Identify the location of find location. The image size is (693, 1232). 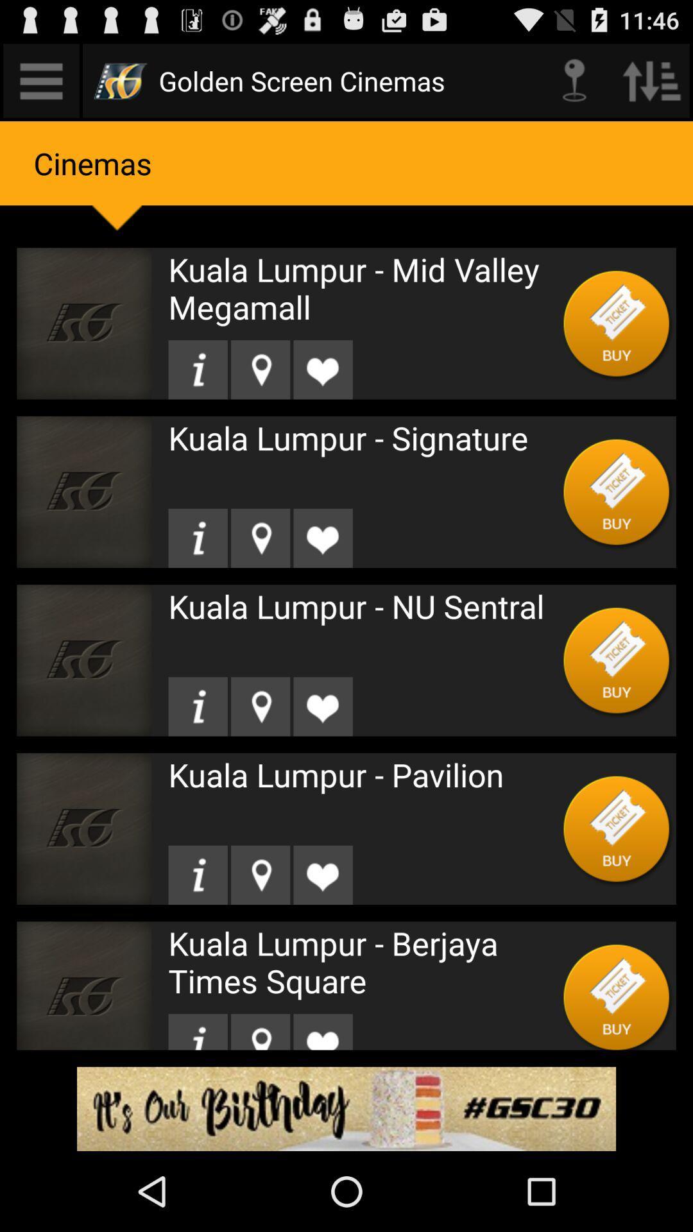
(260, 538).